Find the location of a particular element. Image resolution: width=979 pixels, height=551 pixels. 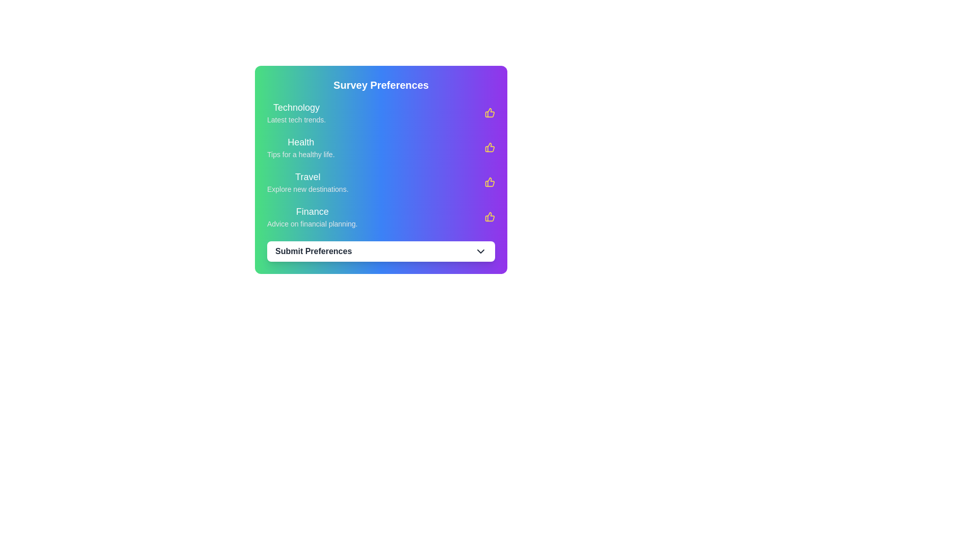

the second thumbs-up icon in the vertical list within the 'Survey Preferences' card that corresponds to the 'Health' section is located at coordinates (481, 147).